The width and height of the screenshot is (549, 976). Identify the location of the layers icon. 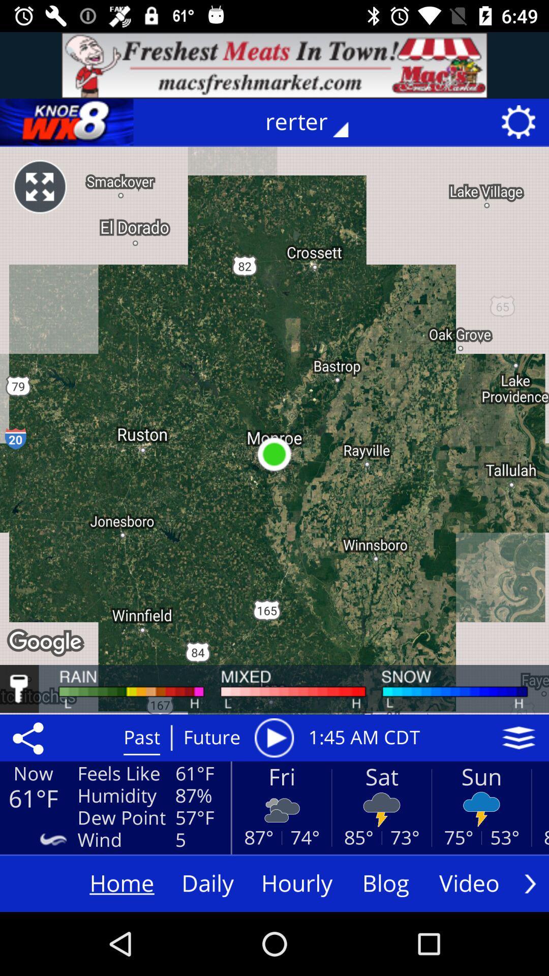
(518, 738).